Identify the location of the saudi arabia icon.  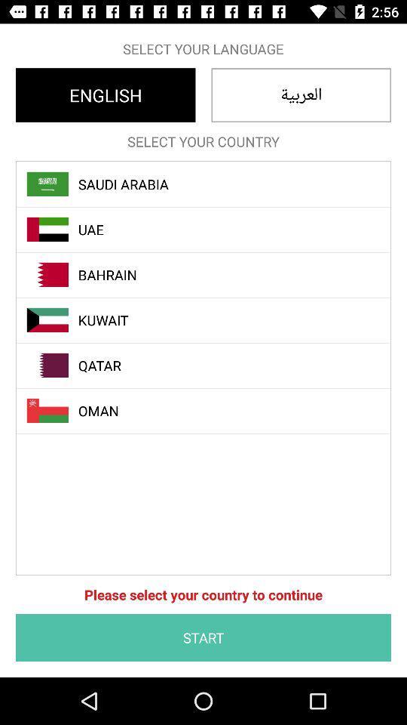
(211, 184).